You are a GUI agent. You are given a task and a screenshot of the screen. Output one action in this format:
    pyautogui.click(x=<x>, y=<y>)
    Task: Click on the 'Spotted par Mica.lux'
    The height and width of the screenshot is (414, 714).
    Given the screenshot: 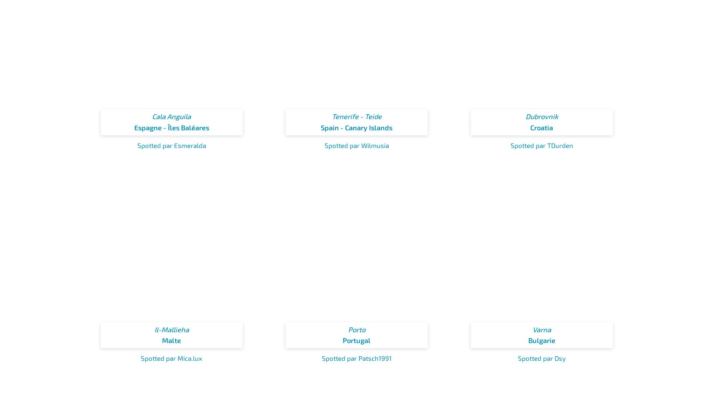 What is the action you would take?
    pyautogui.click(x=140, y=358)
    